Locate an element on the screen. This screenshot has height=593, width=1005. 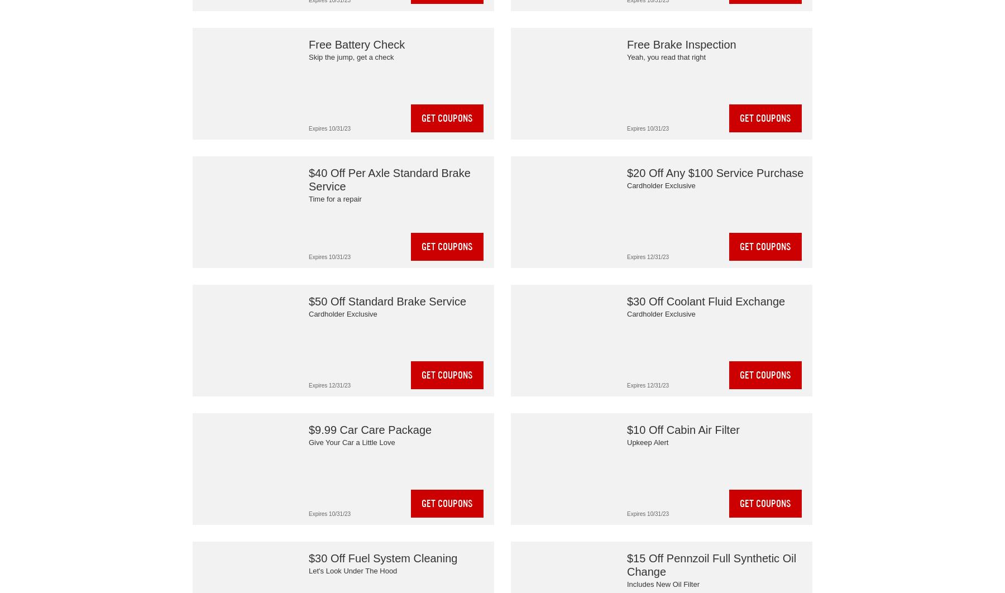
'Skip the jump, get a check' is located at coordinates (351, 57).